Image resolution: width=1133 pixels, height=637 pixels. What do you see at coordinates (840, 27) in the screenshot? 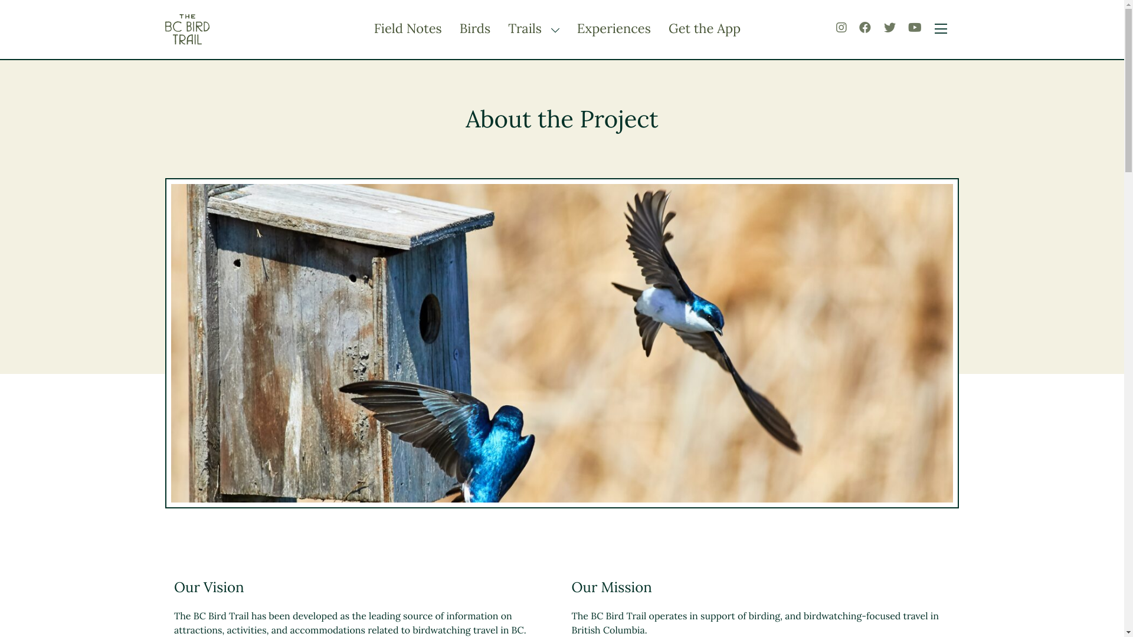
I see `'BC Bird Trail Instagram Account'` at bounding box center [840, 27].